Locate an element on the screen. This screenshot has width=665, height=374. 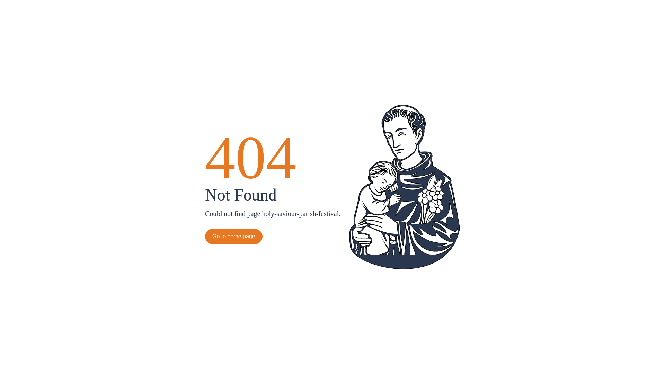
'Go to home page' is located at coordinates (204, 236).